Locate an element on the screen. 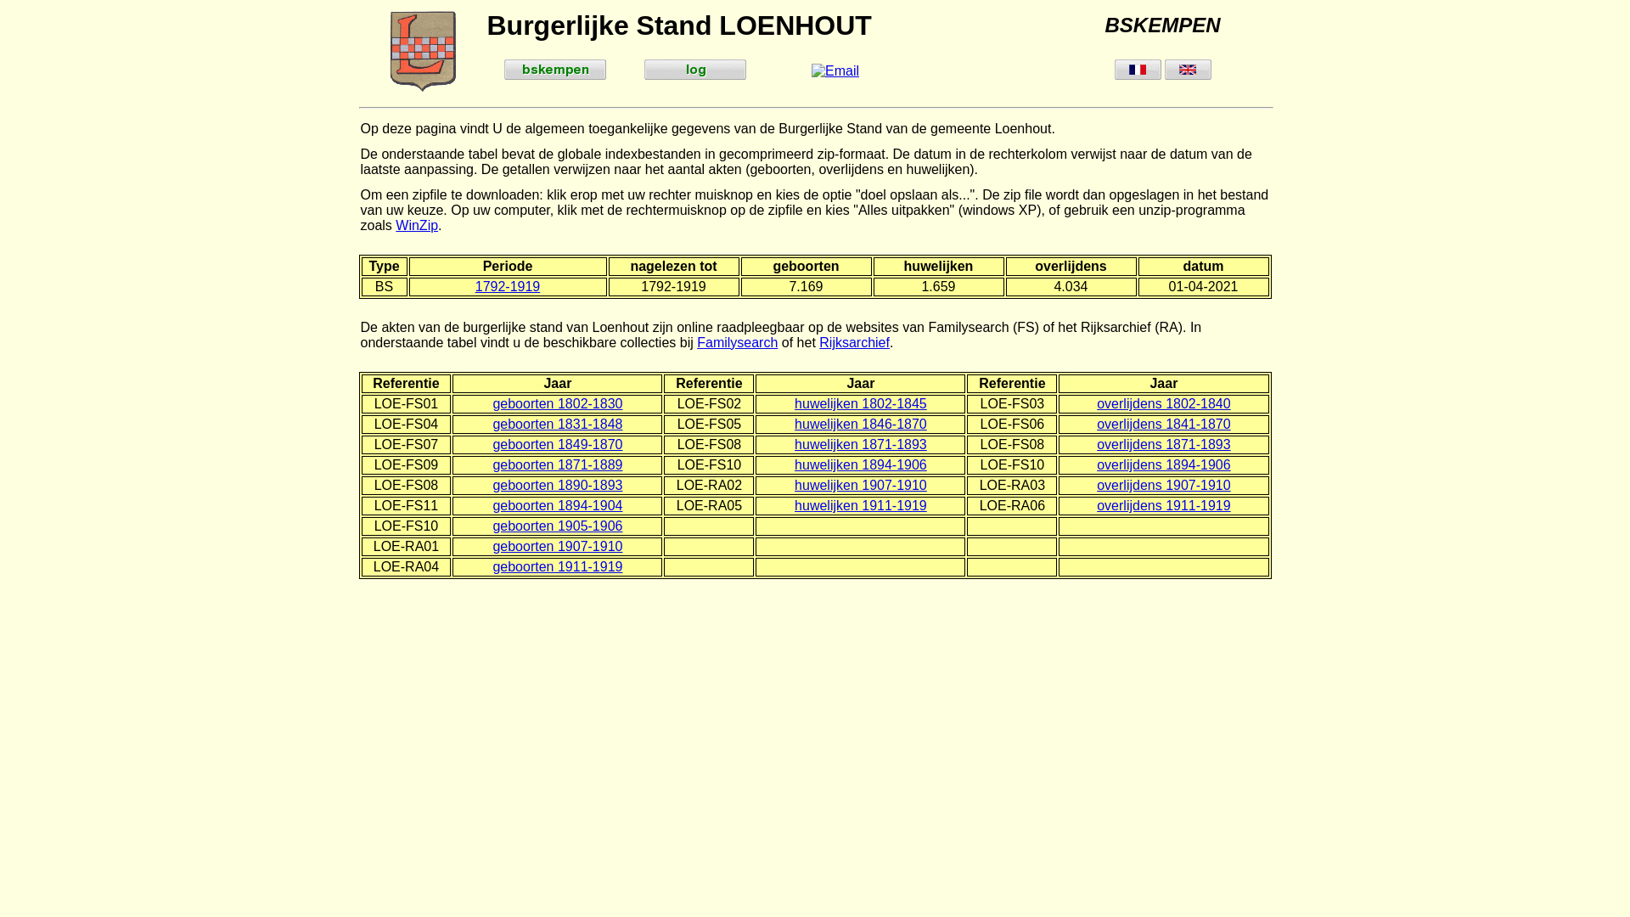 The image size is (1630, 917). 'overlijdens 1871-1893' is located at coordinates (1162, 443).